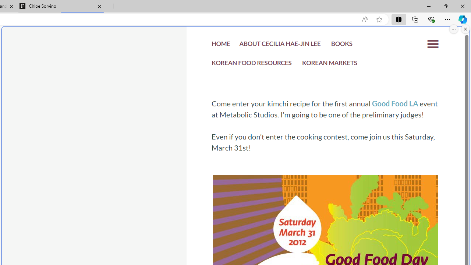 This screenshot has height=265, width=471. What do you see at coordinates (220, 46) in the screenshot?
I see `'HOME'` at bounding box center [220, 46].